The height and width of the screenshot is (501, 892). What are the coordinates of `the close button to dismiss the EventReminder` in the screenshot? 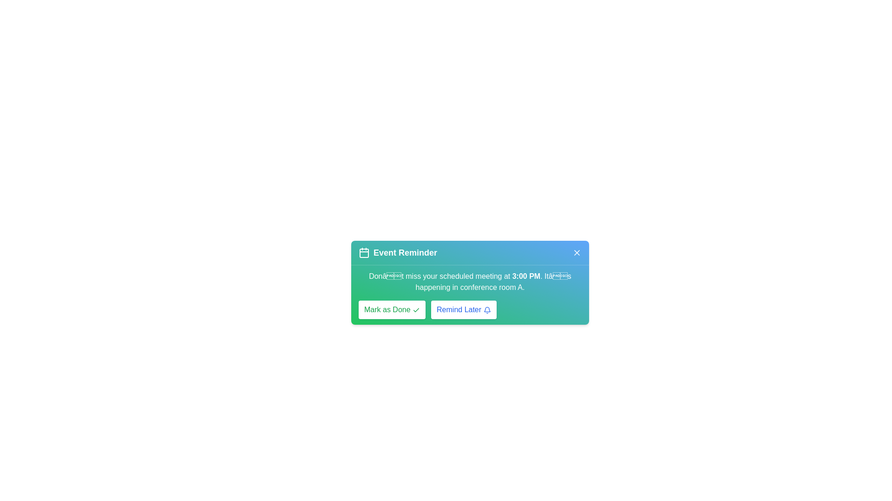 It's located at (577, 252).